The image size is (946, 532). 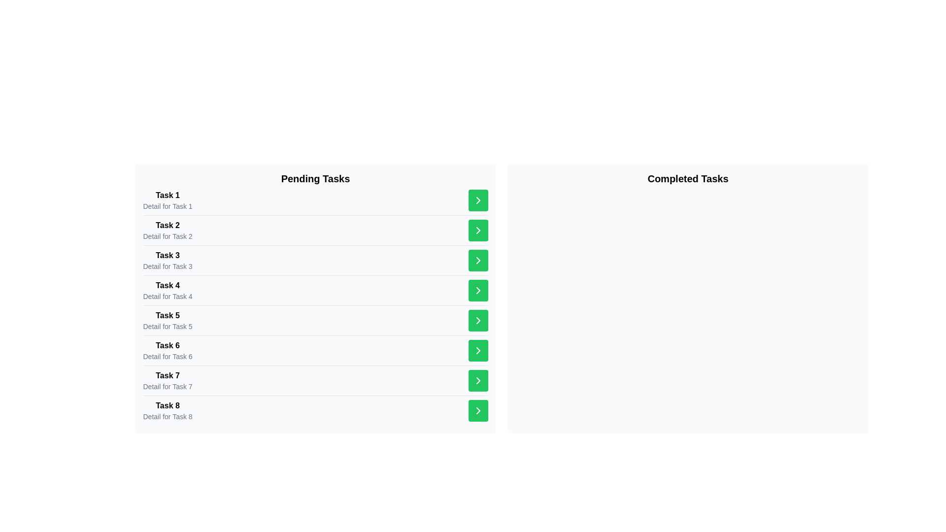 What do you see at coordinates (168, 376) in the screenshot?
I see `text content of the element displaying 'Task 7' in bold, which is the seventh item in the 'Pending Tasks' list` at bounding box center [168, 376].